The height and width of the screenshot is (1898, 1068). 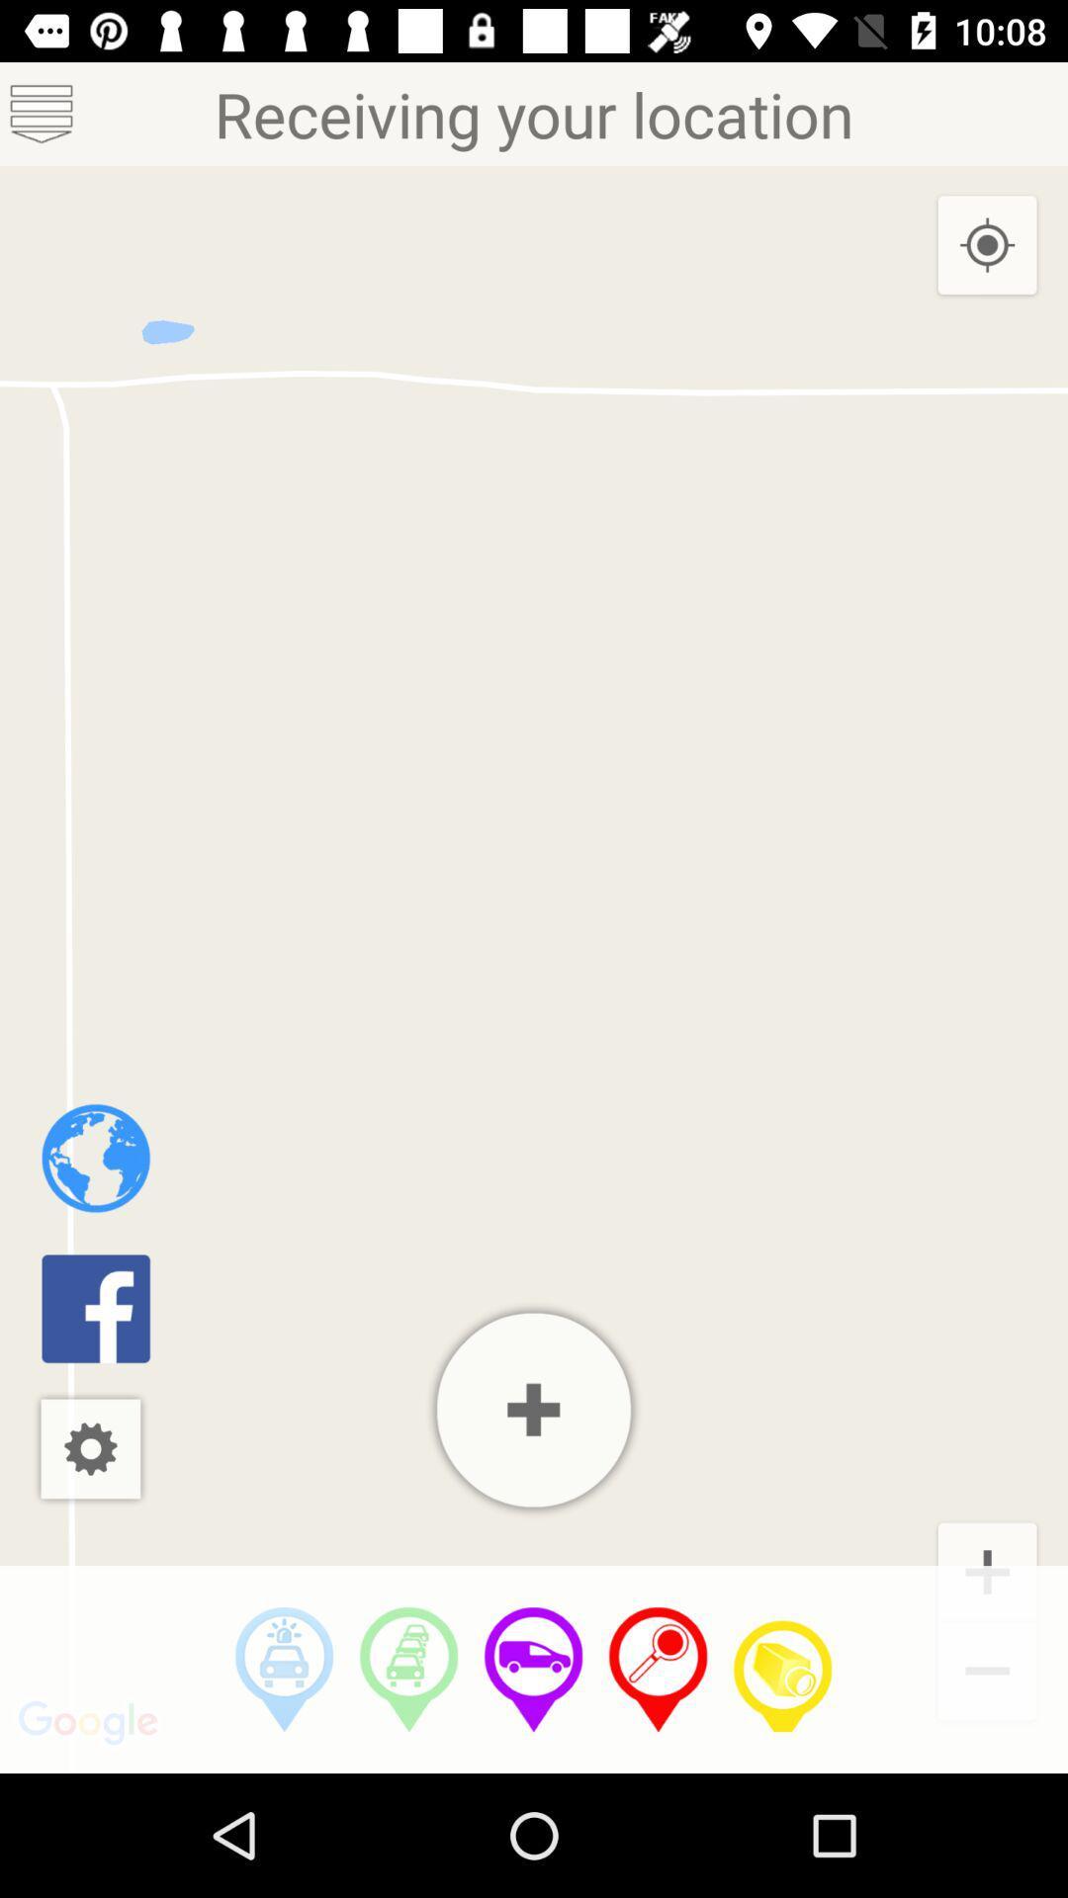 What do you see at coordinates (96, 1158) in the screenshot?
I see `views overhead global view` at bounding box center [96, 1158].